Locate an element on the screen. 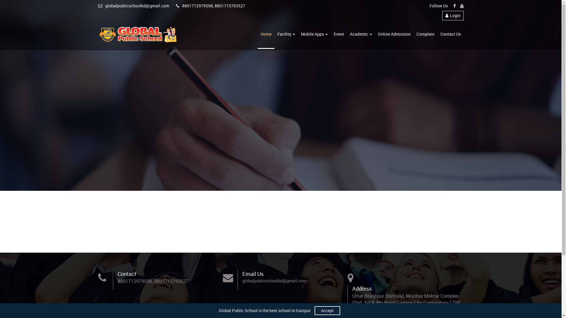 Image resolution: width=566 pixels, height=318 pixels. 'Contact Us' is located at coordinates (450, 34).